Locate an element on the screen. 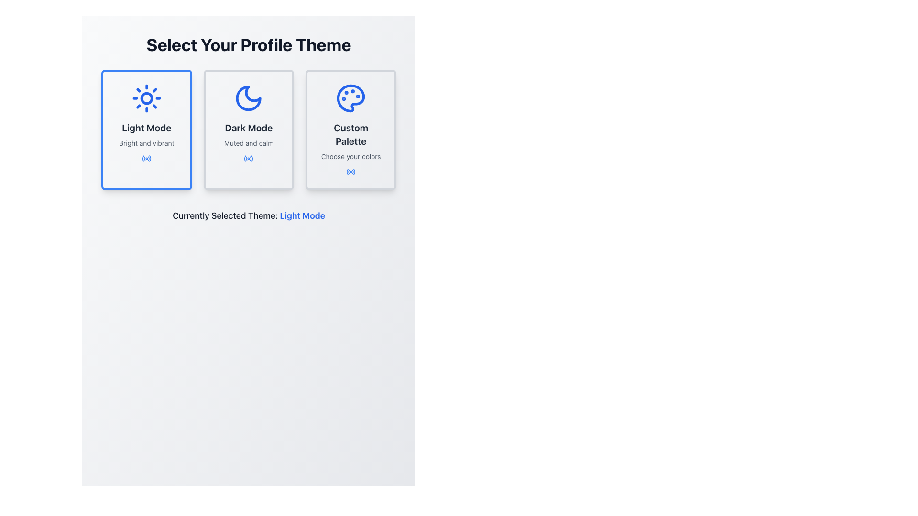  the 'Dark Mode' icon, which visually represents the option for enabling Dark Mode, located centrally above the text 'Muted and calm.' is located at coordinates (249, 98).